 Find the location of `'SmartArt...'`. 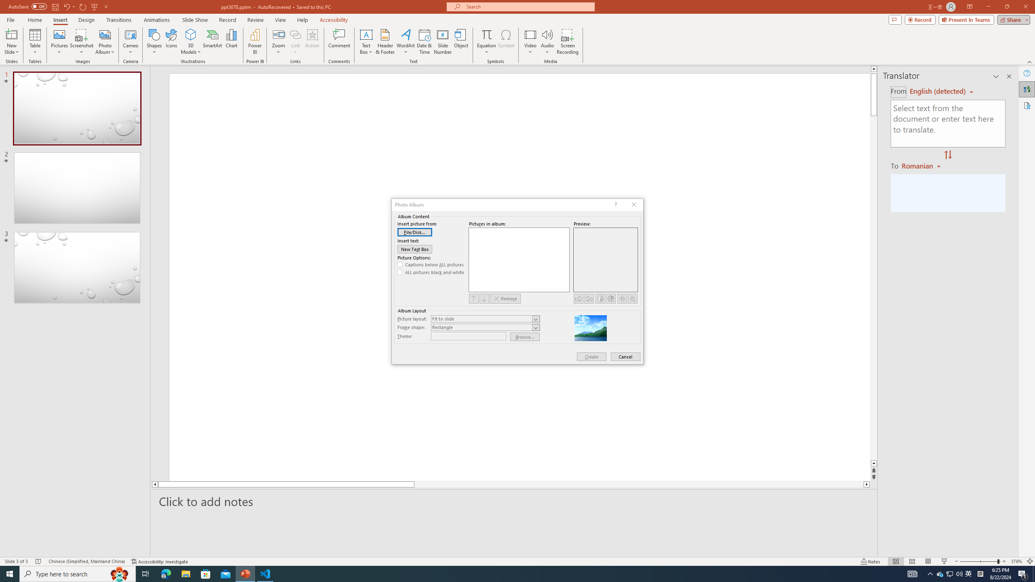

'SmartArt...' is located at coordinates (212, 42).